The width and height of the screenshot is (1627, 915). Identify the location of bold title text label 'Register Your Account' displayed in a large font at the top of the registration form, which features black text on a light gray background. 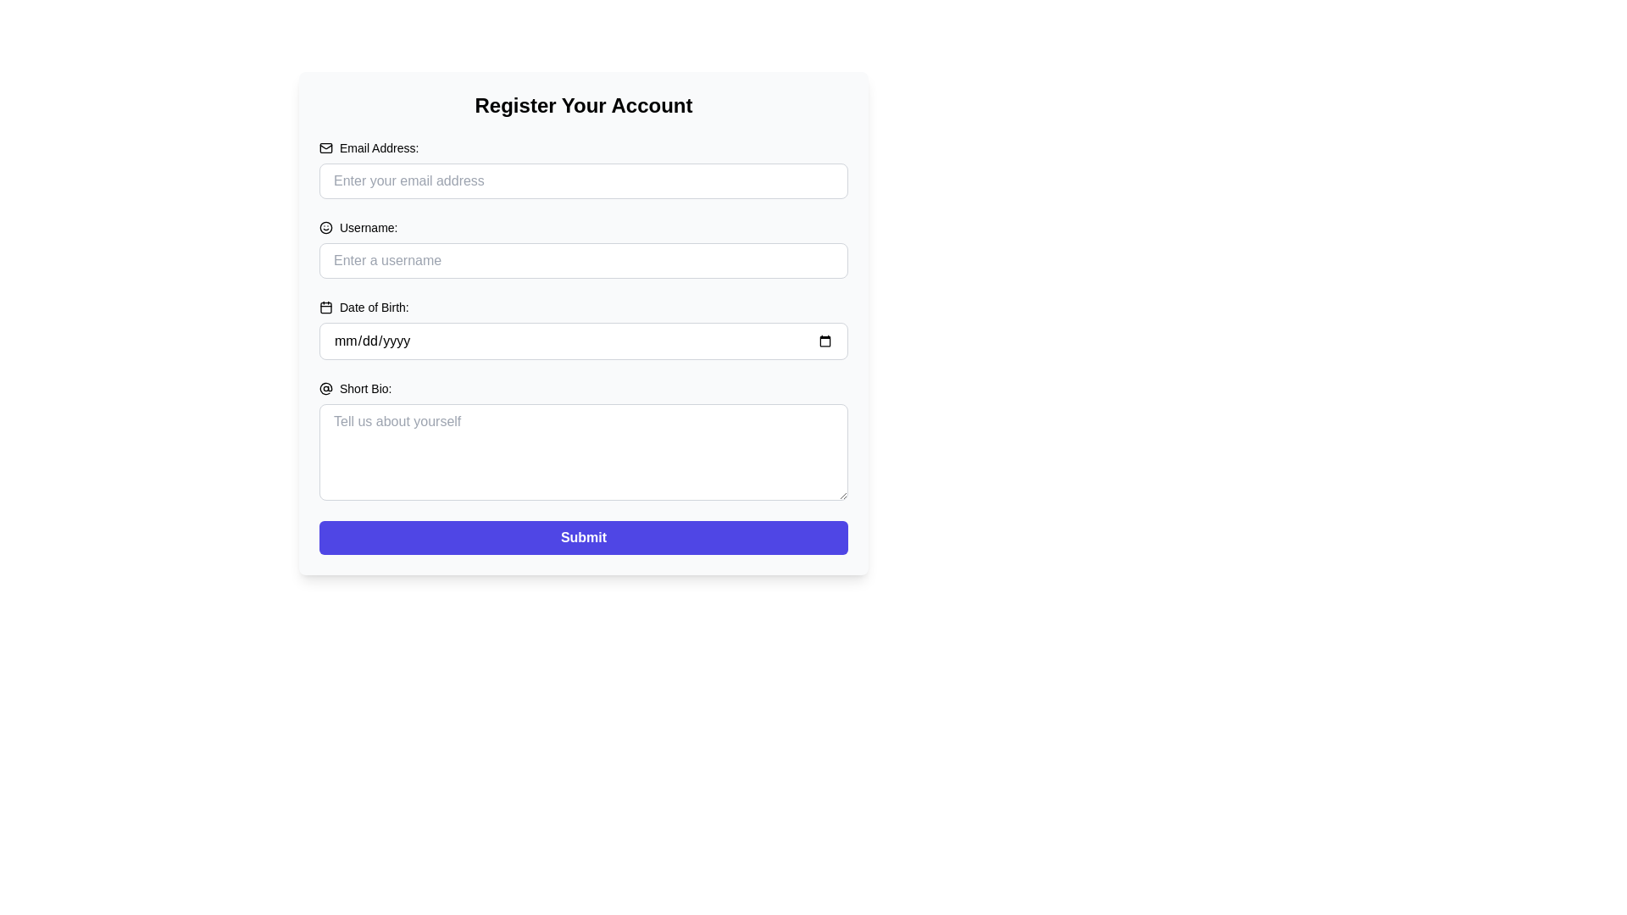
(584, 105).